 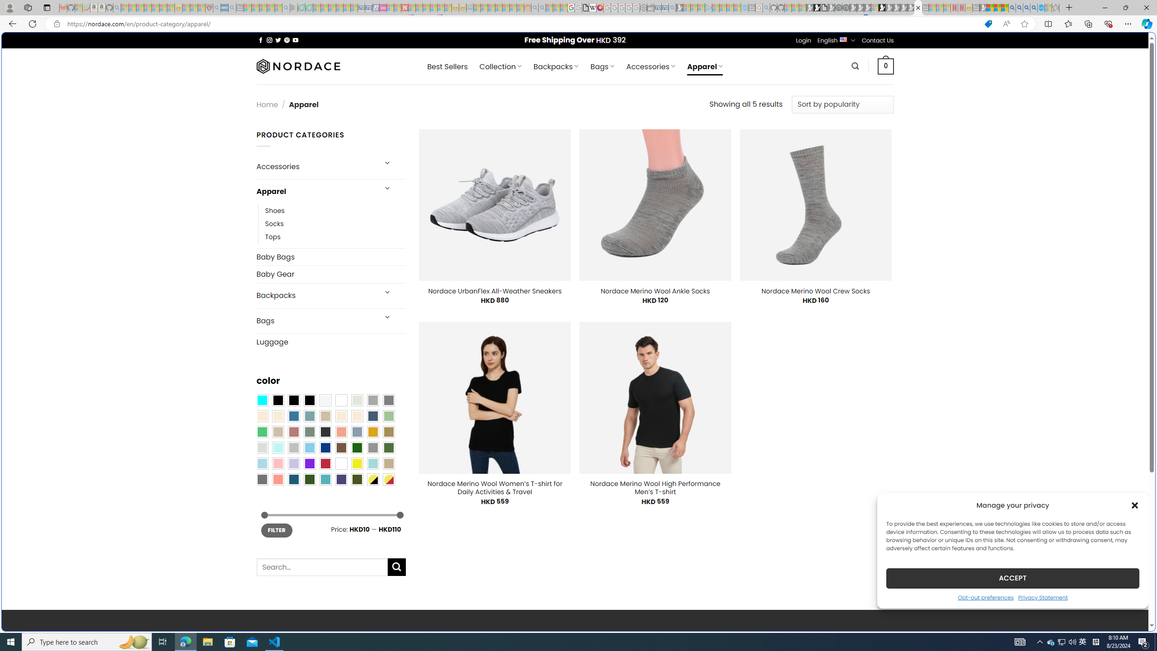 What do you see at coordinates (447, 66) in the screenshot?
I see `' Best Sellers'` at bounding box center [447, 66].